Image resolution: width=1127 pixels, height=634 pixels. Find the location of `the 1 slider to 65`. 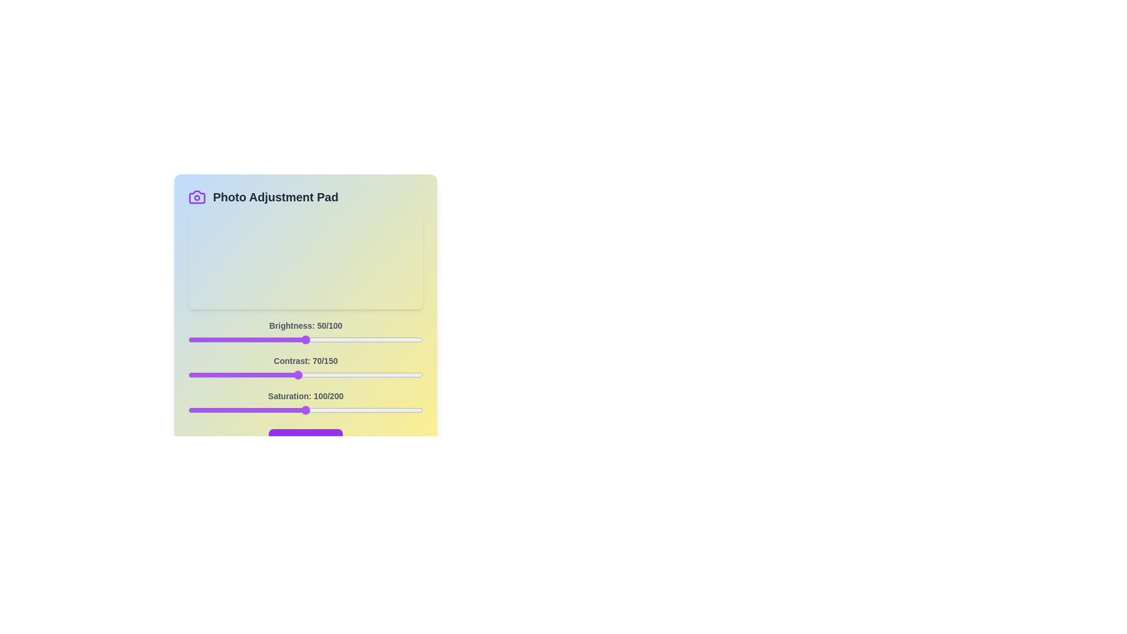

the 1 slider to 65 is located at coordinates (290, 375).